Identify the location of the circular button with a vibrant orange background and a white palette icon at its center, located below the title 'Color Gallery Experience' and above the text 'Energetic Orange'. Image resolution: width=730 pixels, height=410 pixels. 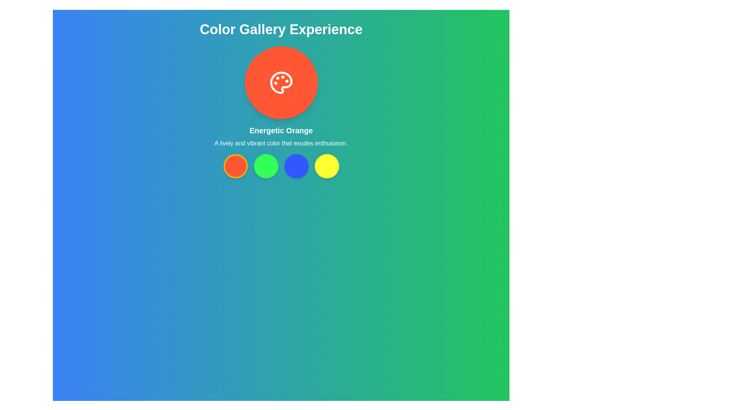
(281, 83).